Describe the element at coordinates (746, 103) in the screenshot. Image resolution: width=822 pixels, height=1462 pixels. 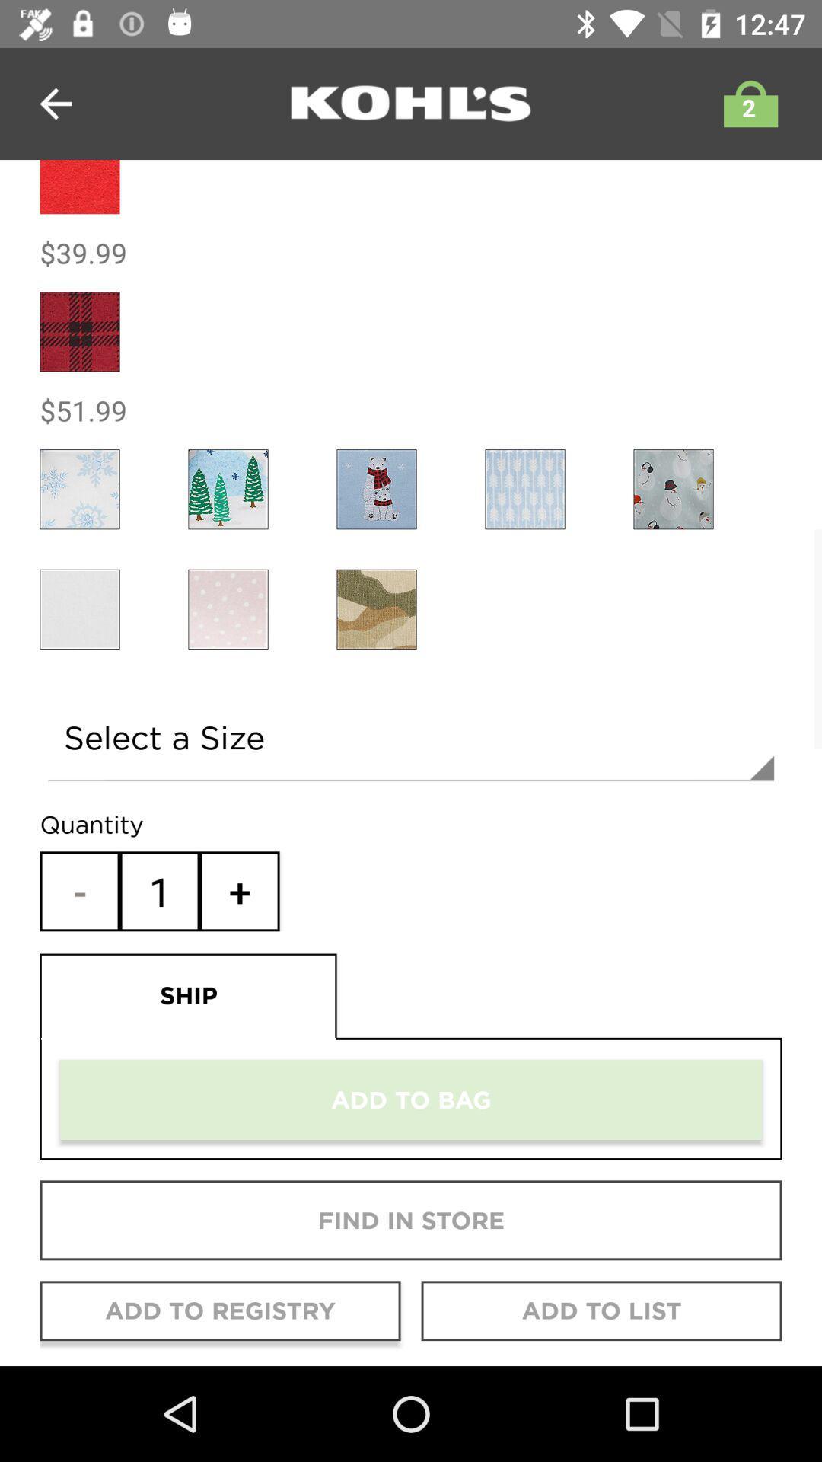
I see `the shop icon` at that location.